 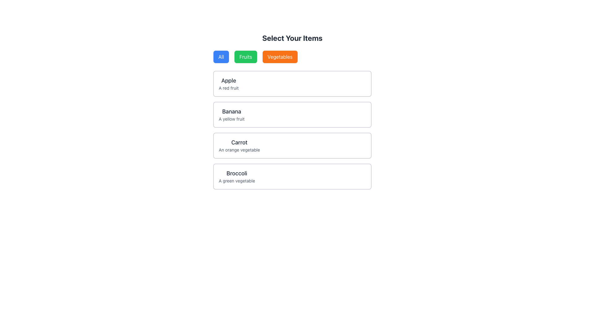 I want to click on the green 'Fruits' button with rounded corners, located between the 'All' button and the 'Vegetables' button, to filter items, so click(x=245, y=57).